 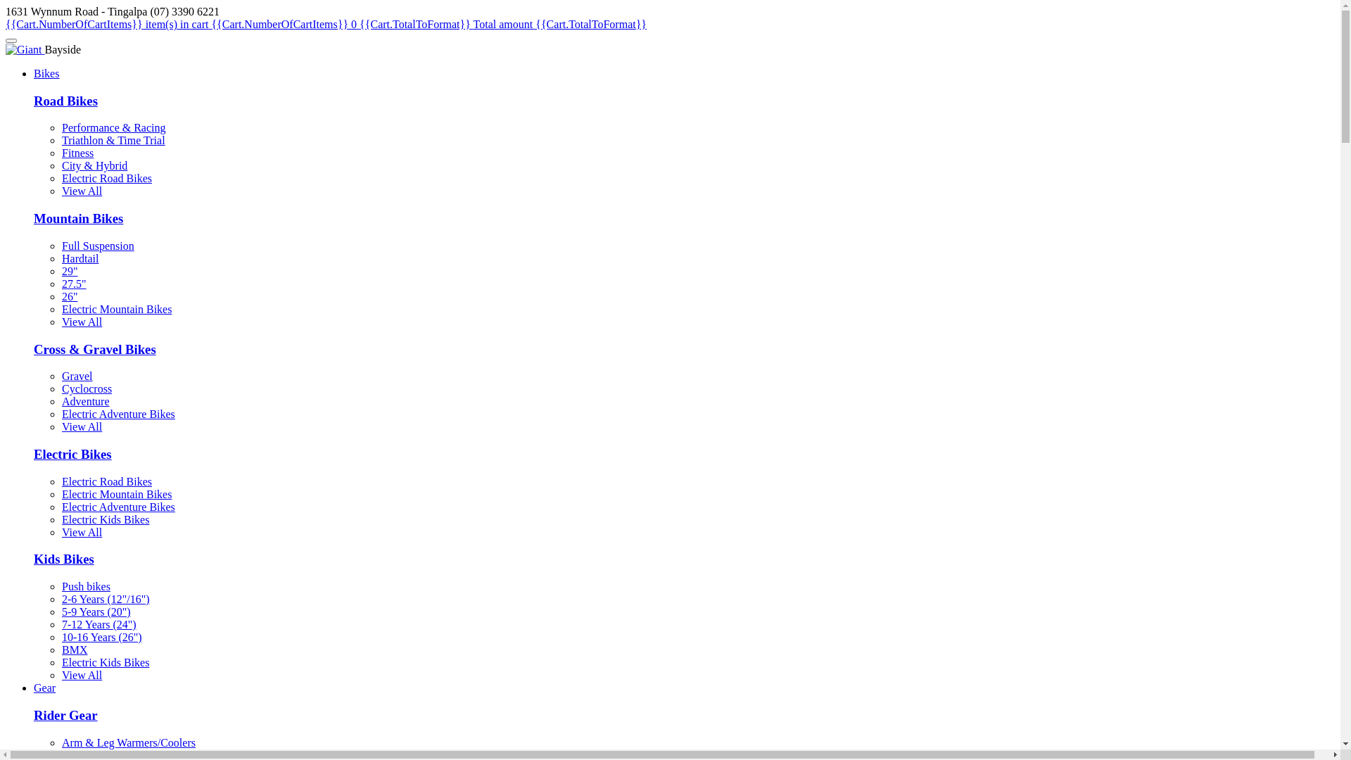 What do you see at coordinates (61, 401) in the screenshot?
I see `'Adventure'` at bounding box center [61, 401].